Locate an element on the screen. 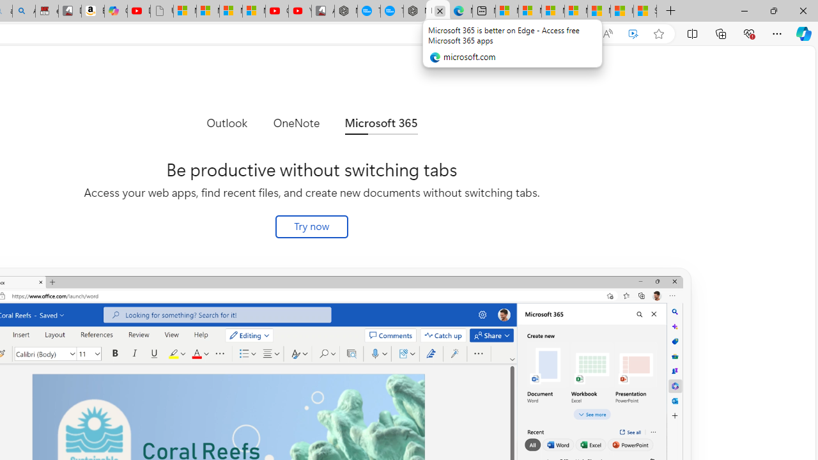 This screenshot has height=460, width=818. 'Microsoft Start' is located at coordinates (598, 11).